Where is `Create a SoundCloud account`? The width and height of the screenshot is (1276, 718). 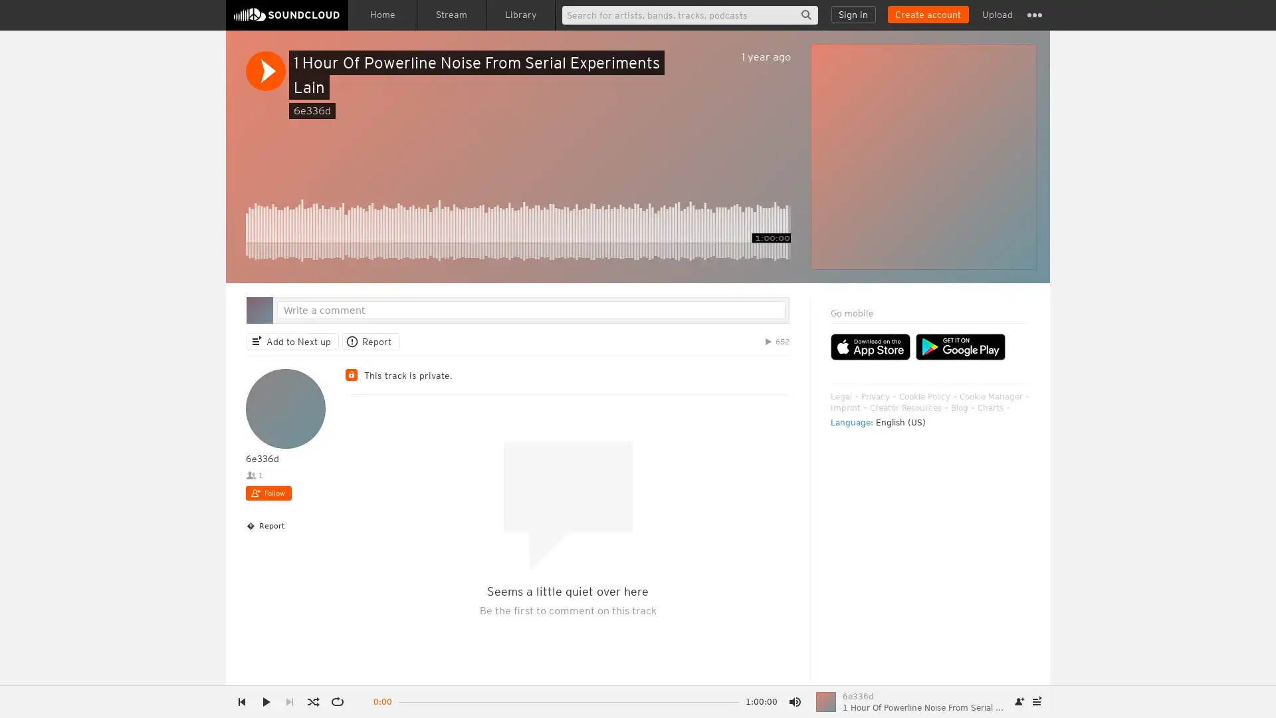 Create a SoundCloud account is located at coordinates (927, 15).